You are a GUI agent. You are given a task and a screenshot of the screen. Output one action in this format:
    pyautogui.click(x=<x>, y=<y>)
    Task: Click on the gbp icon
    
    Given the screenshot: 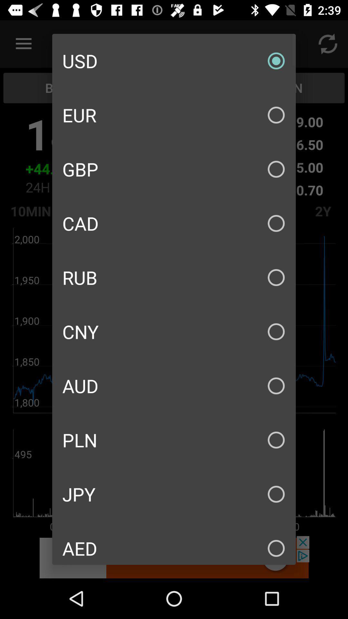 What is the action you would take?
    pyautogui.click(x=174, y=169)
    